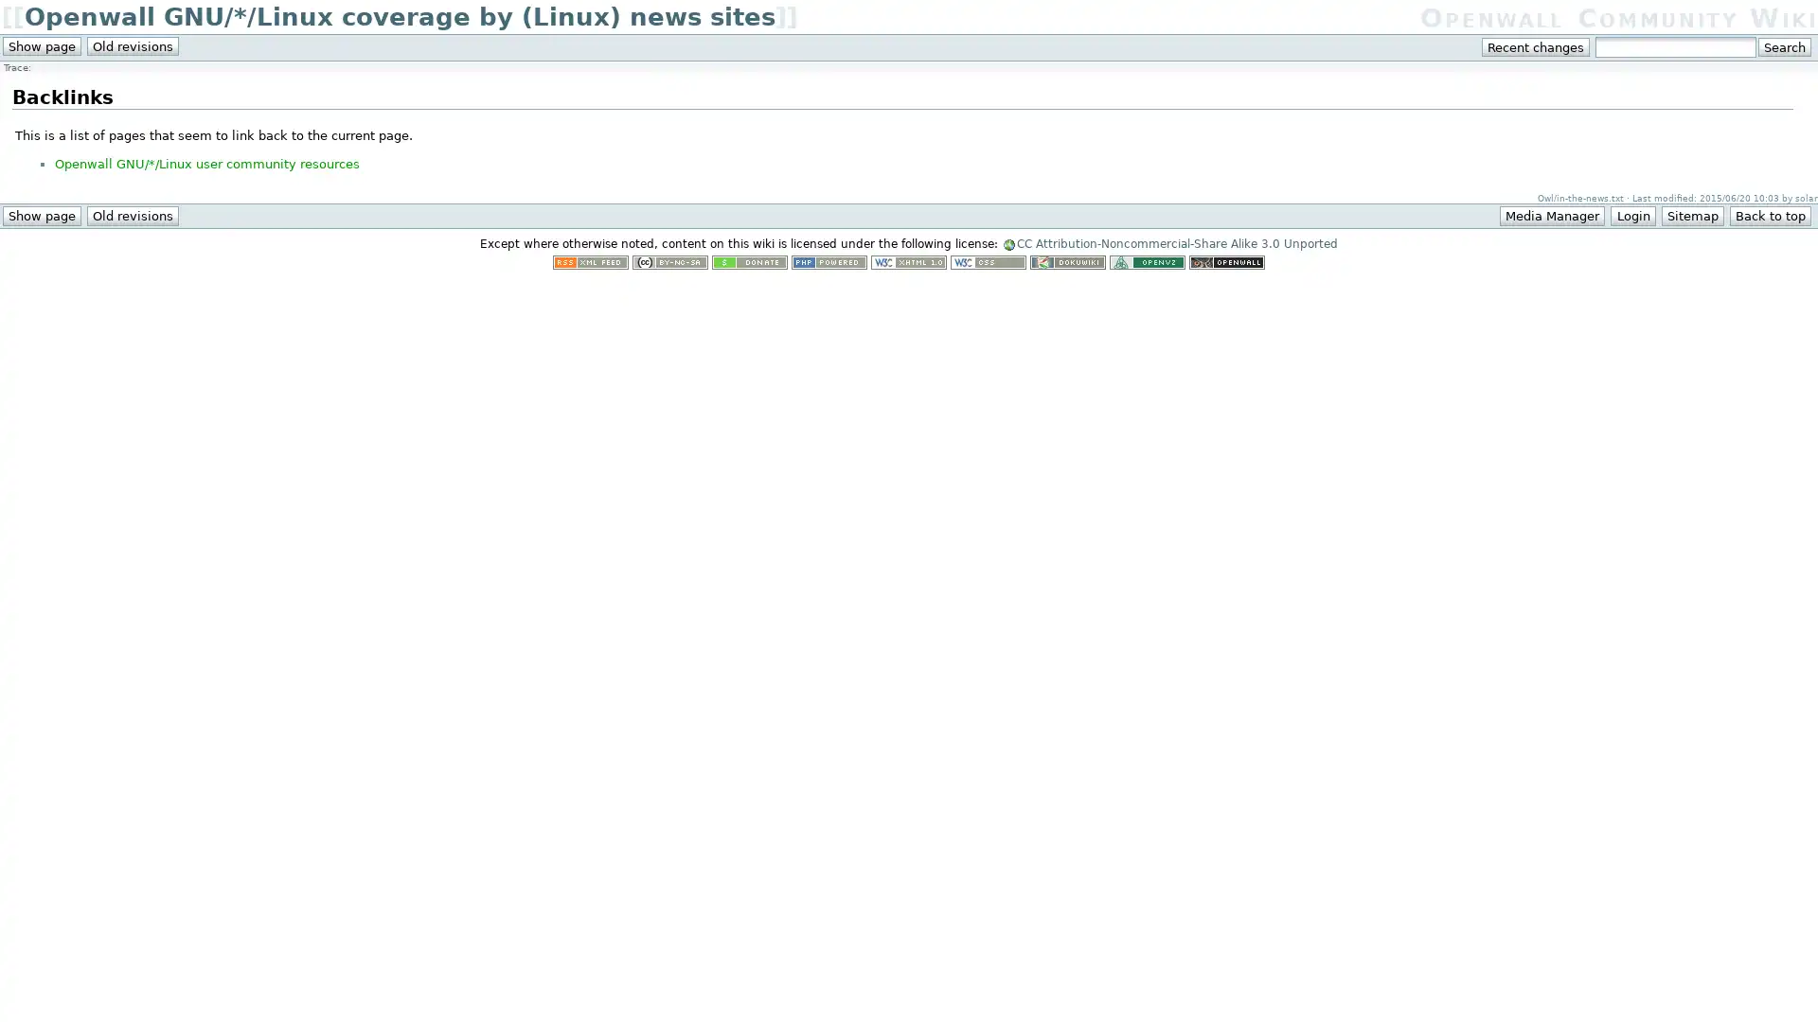  Describe the element at coordinates (1536, 46) in the screenshot. I see `Recent changes` at that location.